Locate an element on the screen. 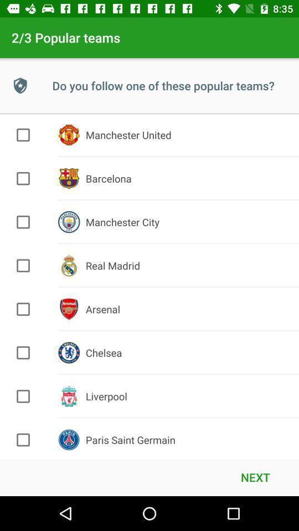  button is located at coordinates (23, 309).